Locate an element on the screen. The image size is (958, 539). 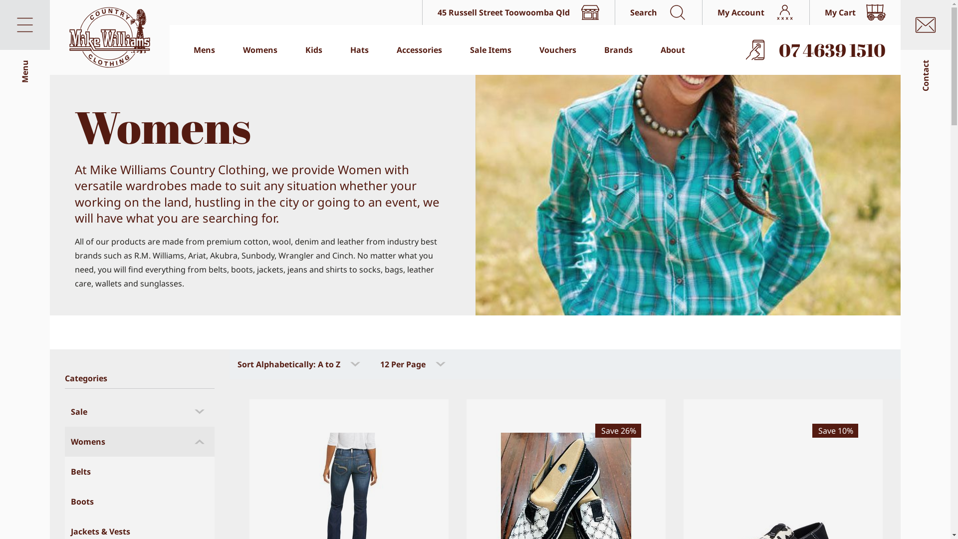
'Accessories' is located at coordinates (419, 50).